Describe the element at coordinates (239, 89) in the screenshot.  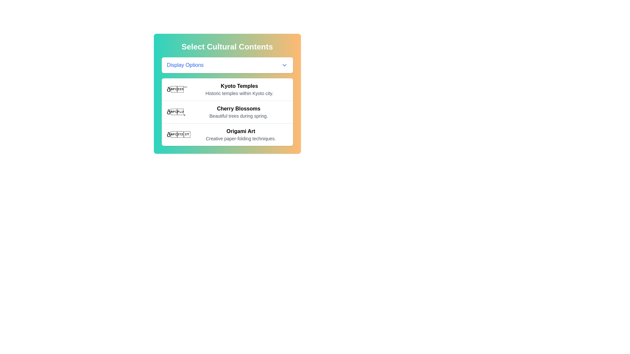
I see `the 'Kyoto Temples' information display text block` at that location.